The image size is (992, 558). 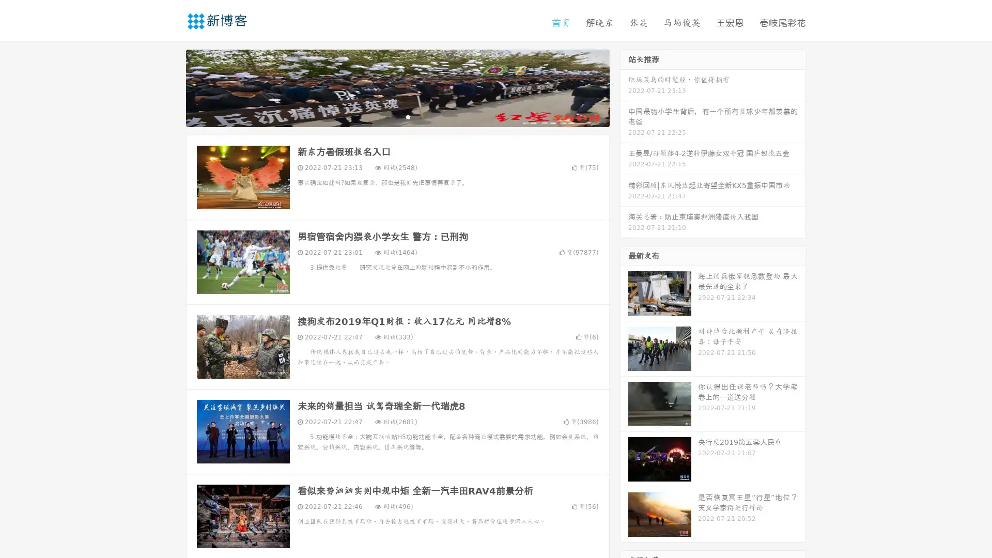 I want to click on Next slide, so click(x=624, y=87).